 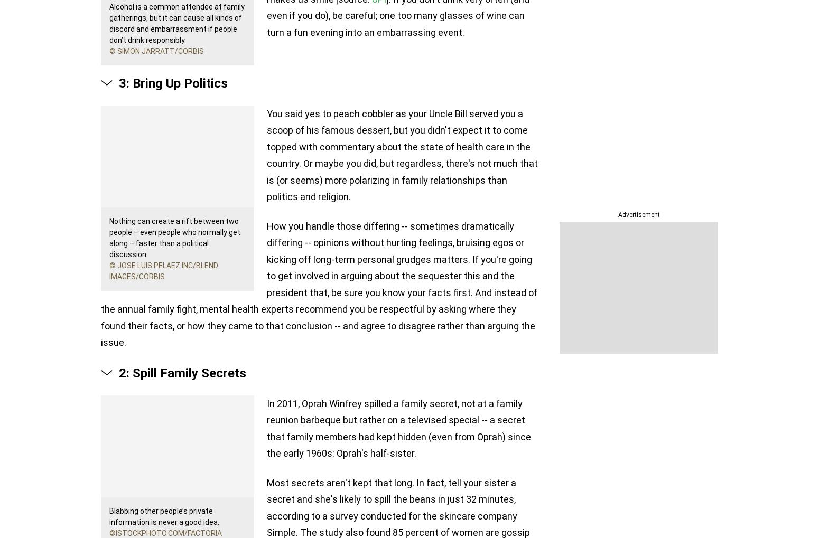 What do you see at coordinates (176, 22) in the screenshot?
I see `'Alcohol is a common attendee at family gatherings, but it can cause all kinds of discord and embarrassment if people don’t drink responsibly.'` at bounding box center [176, 22].